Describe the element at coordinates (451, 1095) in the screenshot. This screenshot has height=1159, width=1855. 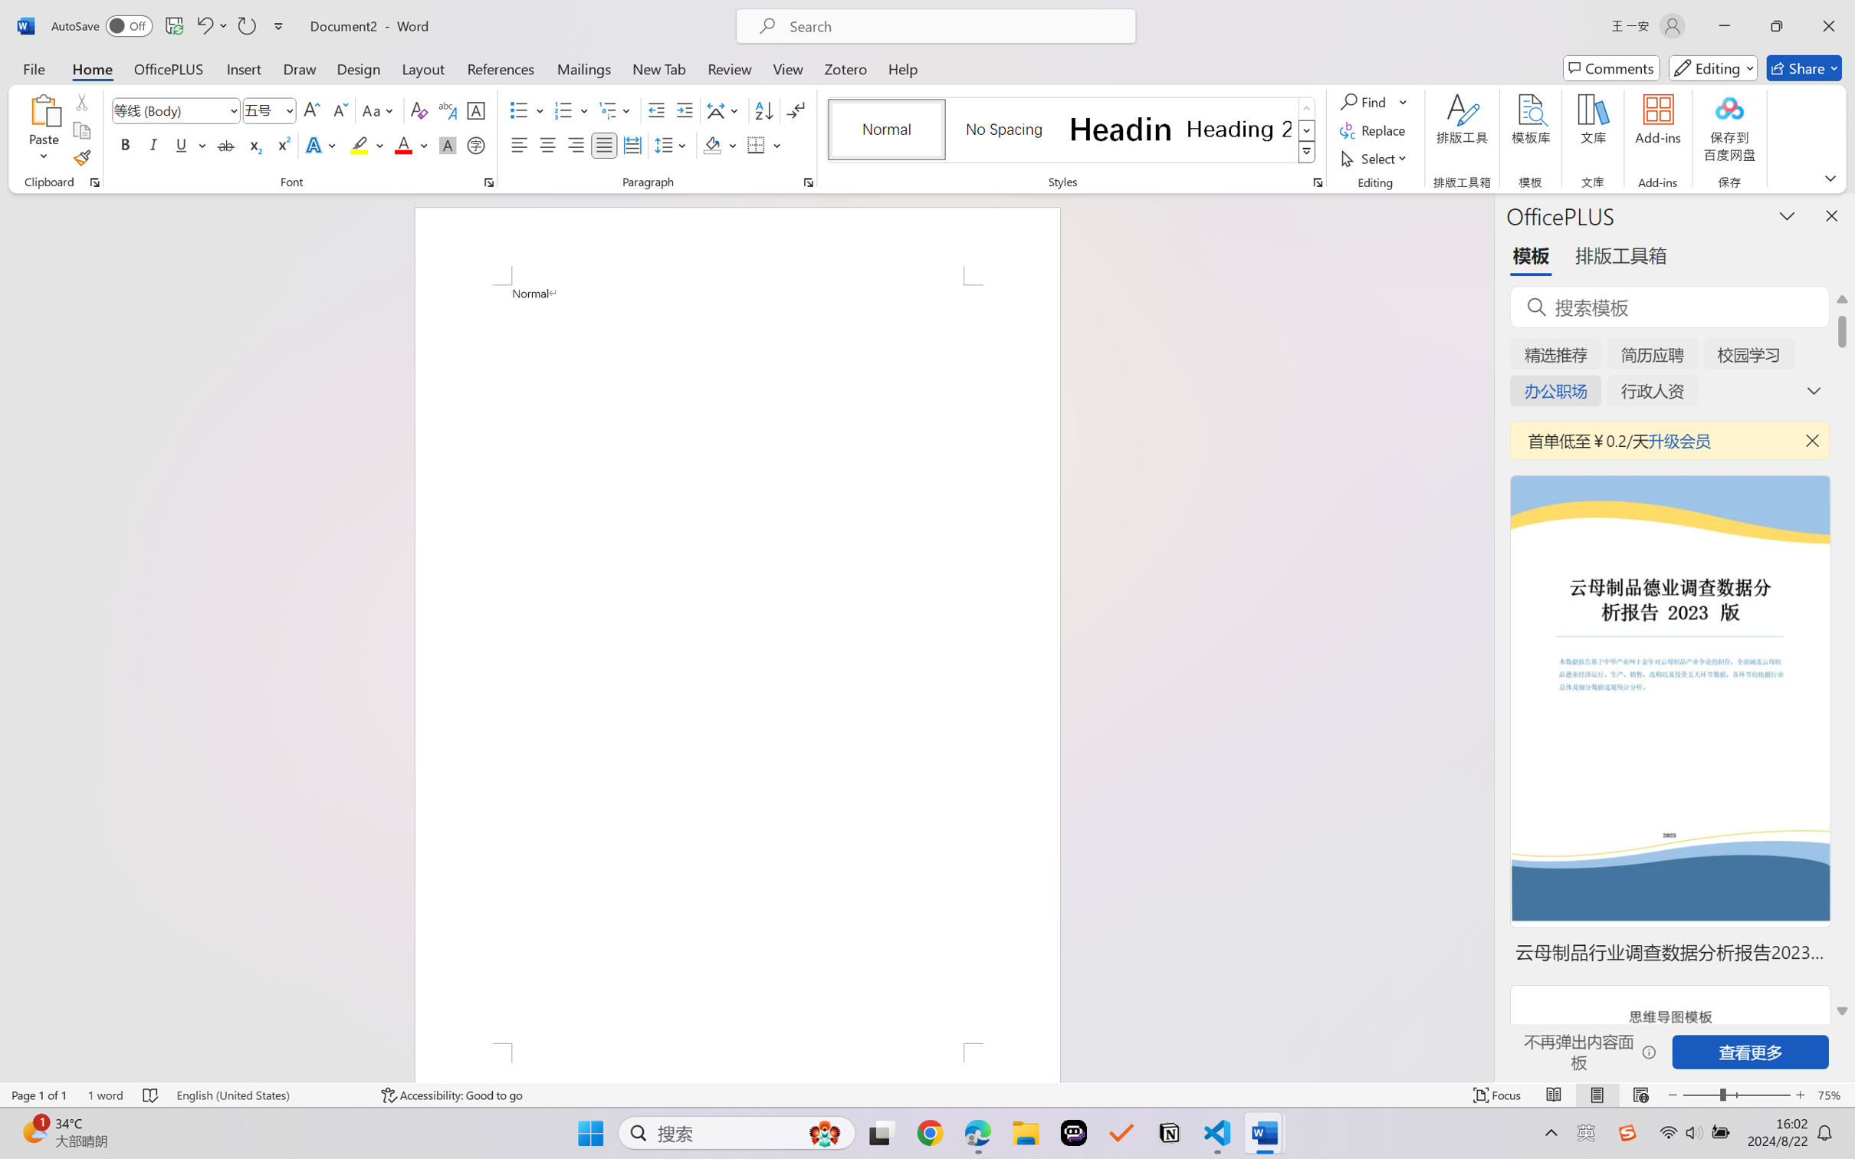
I see `'Accessibility Checker Accessibility: Good to go'` at that location.